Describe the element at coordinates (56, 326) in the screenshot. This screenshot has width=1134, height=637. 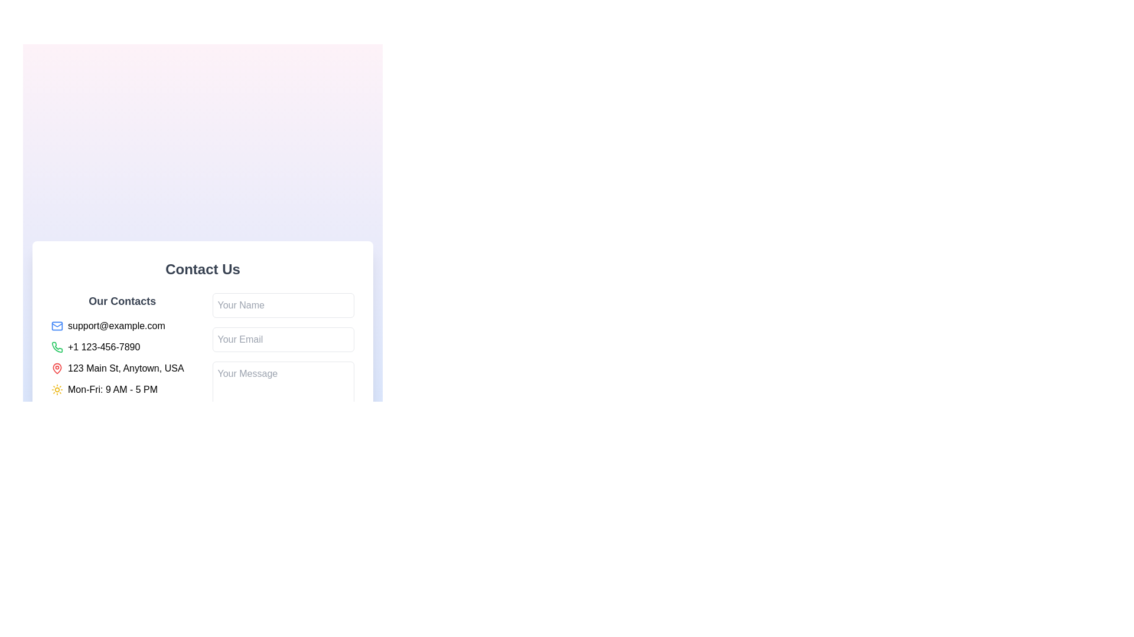
I see `the blue mail icon with rounded corners located to the left of the email address 'support@example.com'` at that location.